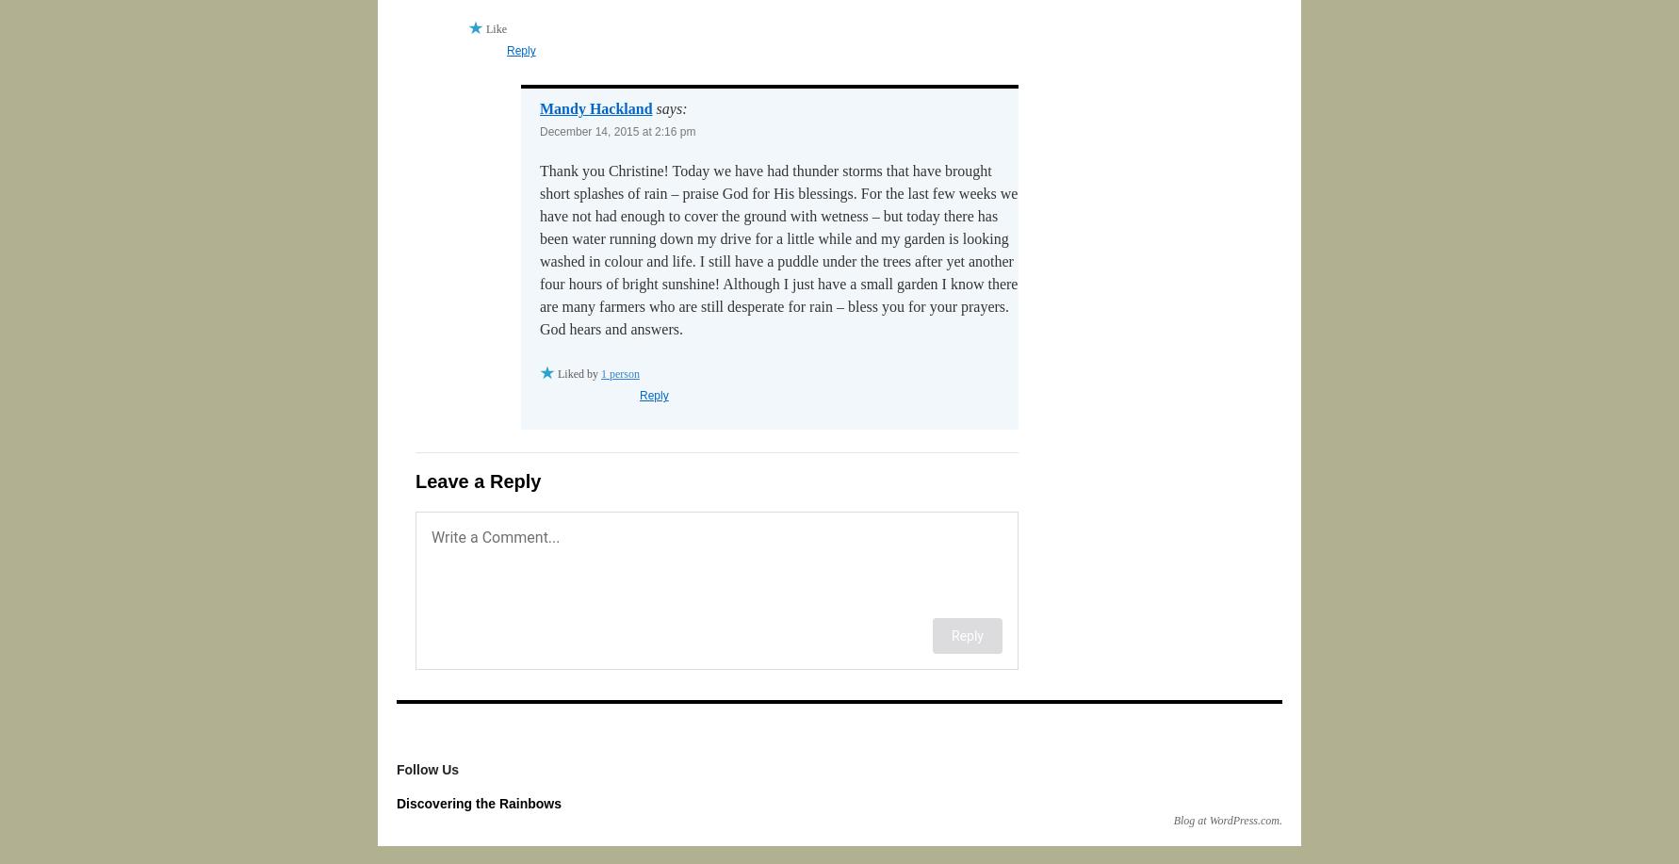 The width and height of the screenshot is (1679, 864). What do you see at coordinates (579, 373) in the screenshot?
I see `'Liked by'` at bounding box center [579, 373].